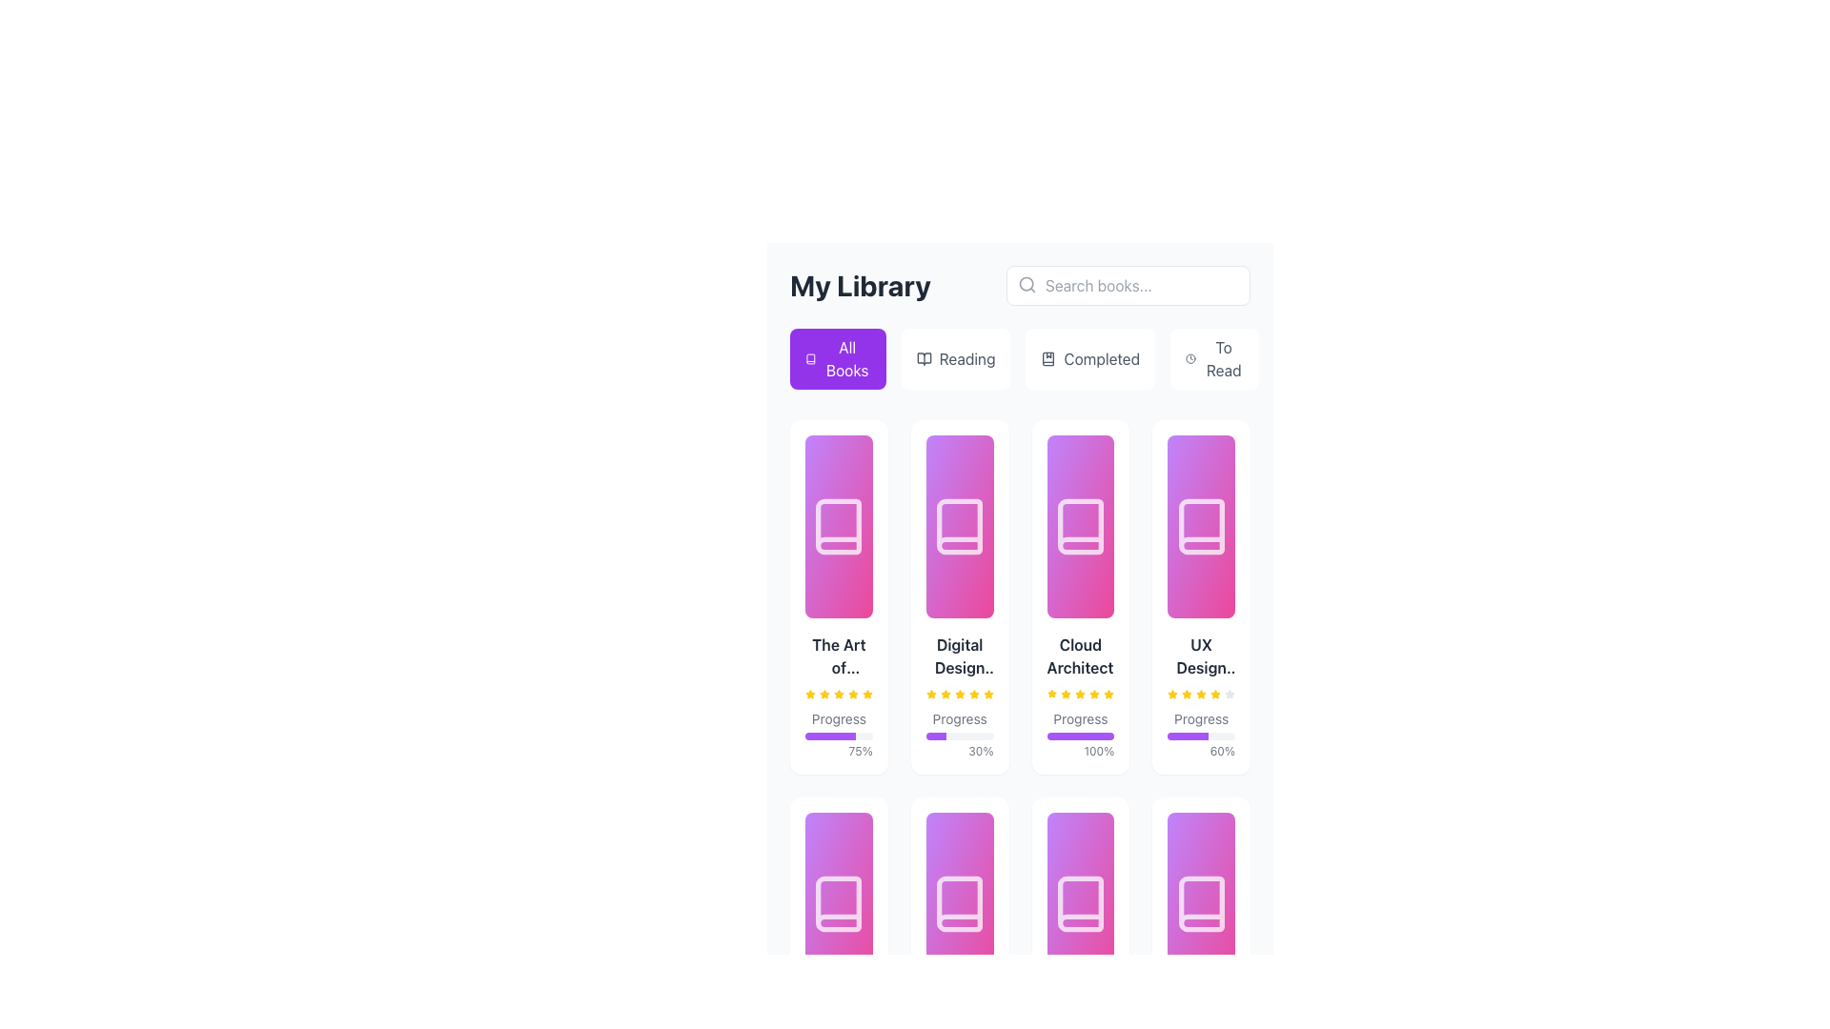 The width and height of the screenshot is (1830, 1029). I want to click on the search icon, which is a gray magnifying glass symbol located inside the search bar component at the top-right area of the interface, just before the placeholder text 'Search books...', so click(1027, 285).